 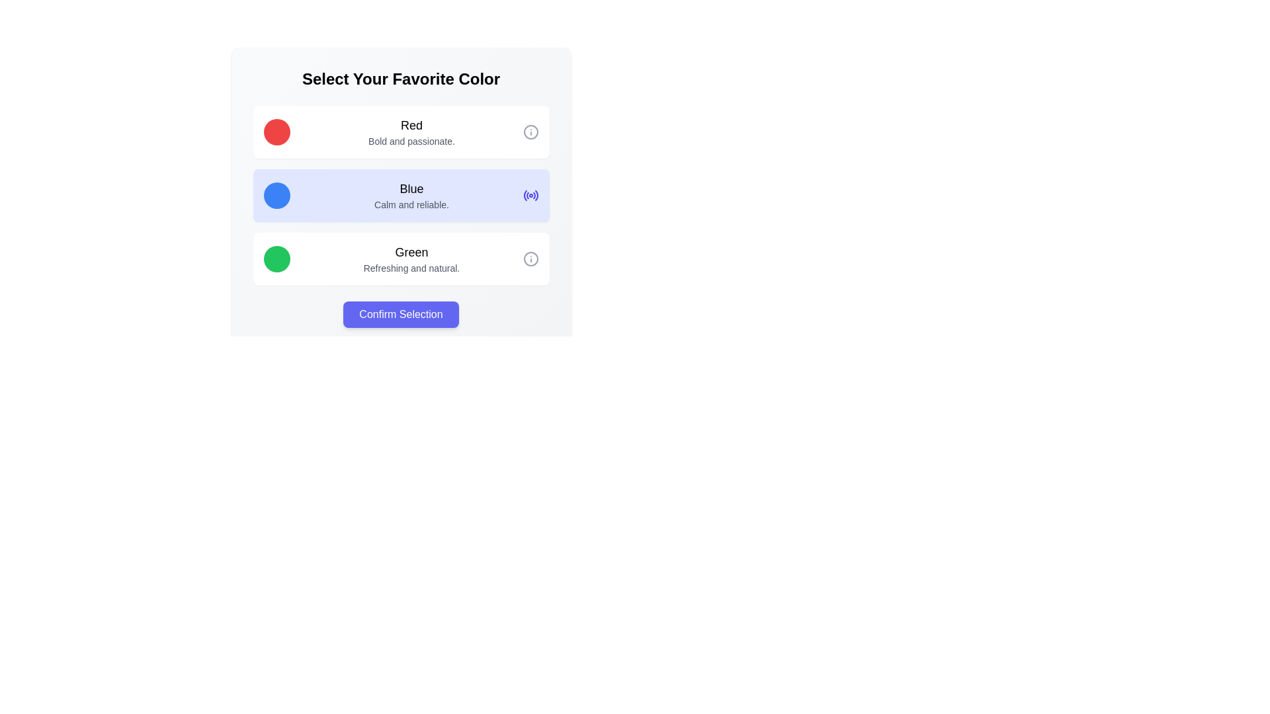 What do you see at coordinates (400, 314) in the screenshot?
I see `the 'Confirm Selection' button with a purple background and white text, which is centrally positioned below a list of options` at bounding box center [400, 314].